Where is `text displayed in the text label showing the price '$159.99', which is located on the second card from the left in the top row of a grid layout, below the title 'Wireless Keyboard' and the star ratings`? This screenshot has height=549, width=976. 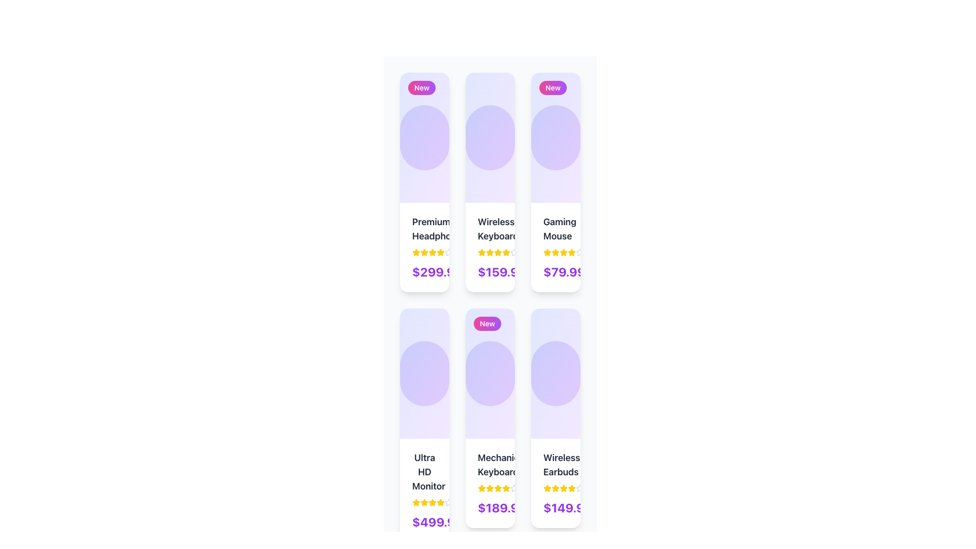
text displayed in the text label showing the price '$159.99', which is located on the second card from the left in the top row of a grid layout, below the title 'Wireless Keyboard' and the star ratings is located at coordinates (490, 271).